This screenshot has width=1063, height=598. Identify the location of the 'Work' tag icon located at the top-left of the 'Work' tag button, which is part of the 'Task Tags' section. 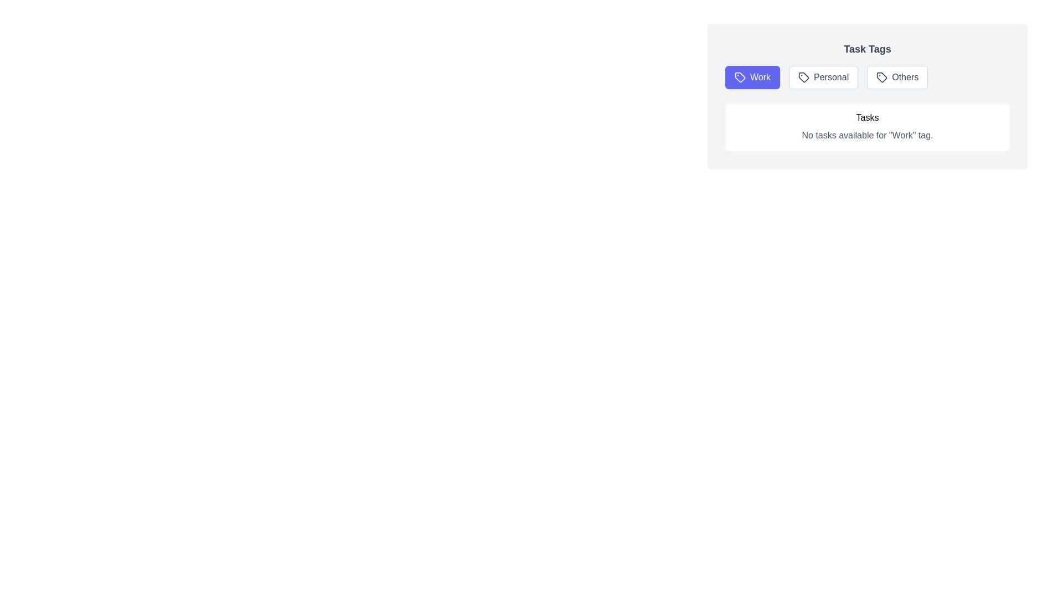
(740, 76).